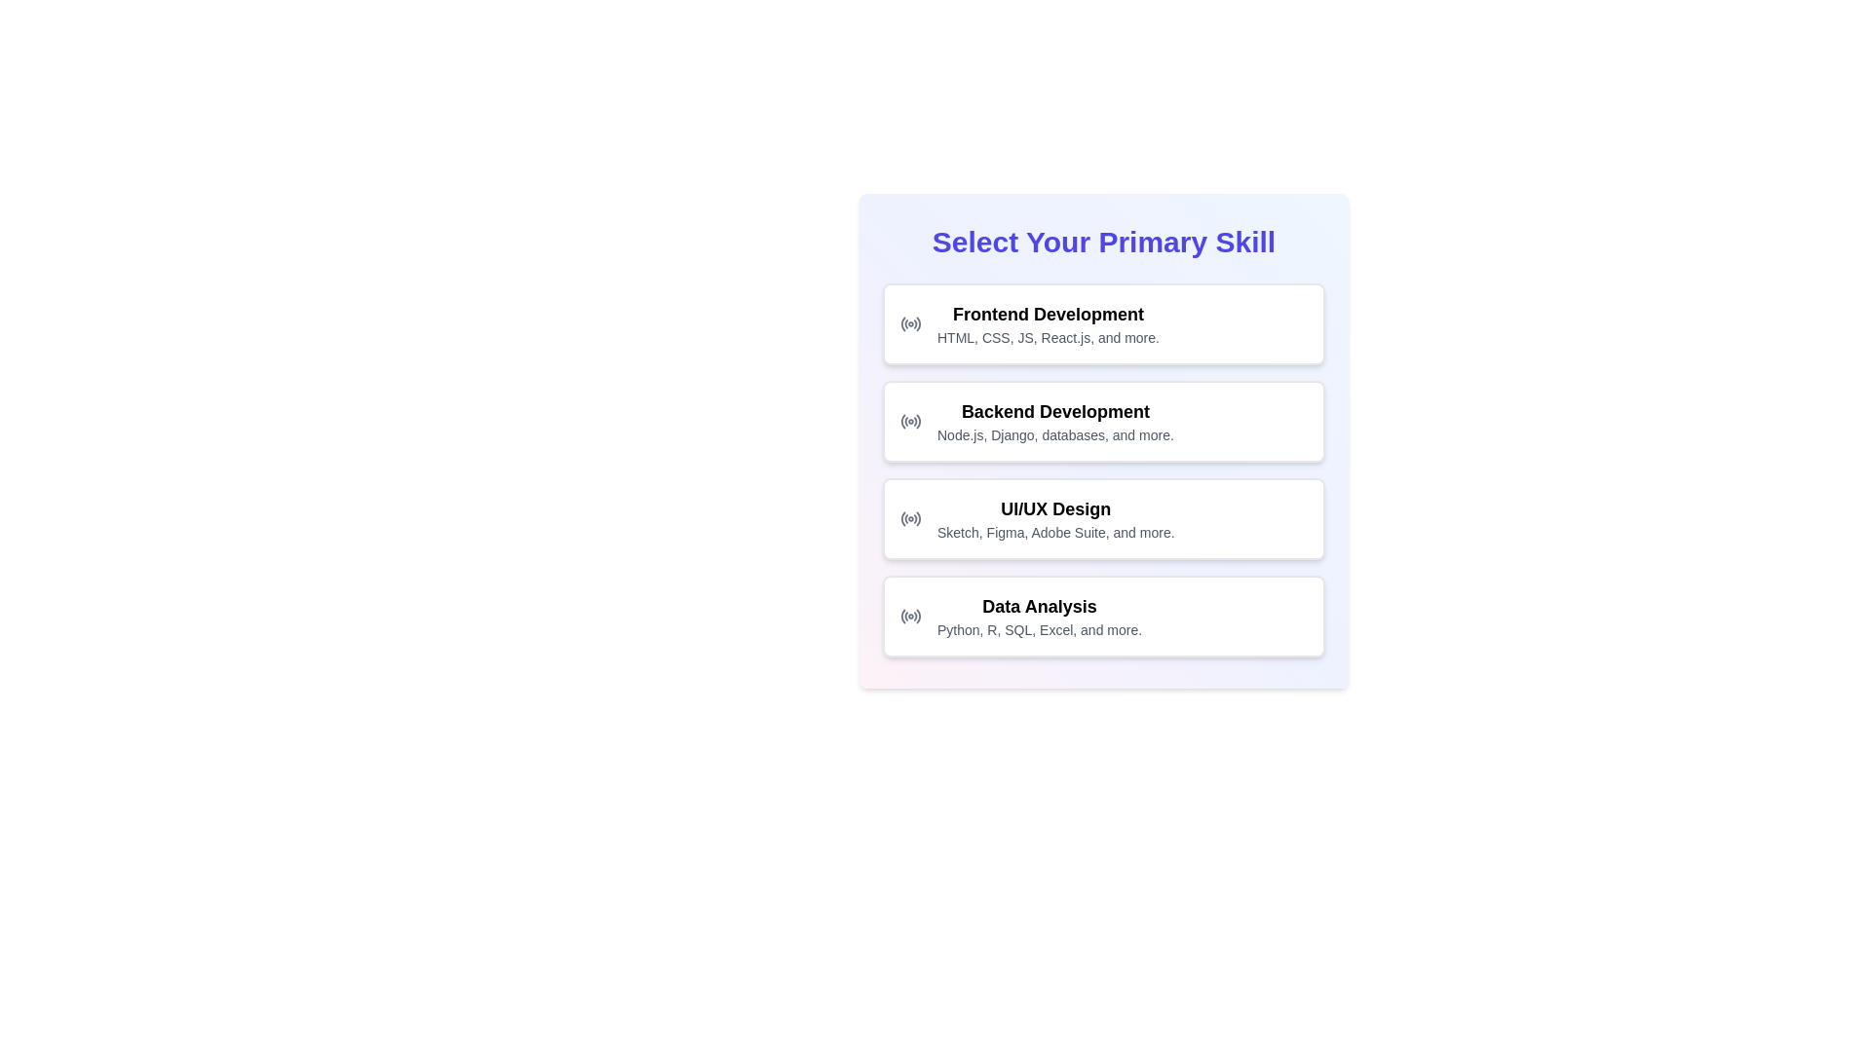 The height and width of the screenshot is (1052, 1871). What do you see at coordinates (1039, 616) in the screenshot?
I see `the Text label for the Data Analysis selection option, located in the fourth card of a vertical list, positioned below the 'UI/UX Design' title` at bounding box center [1039, 616].